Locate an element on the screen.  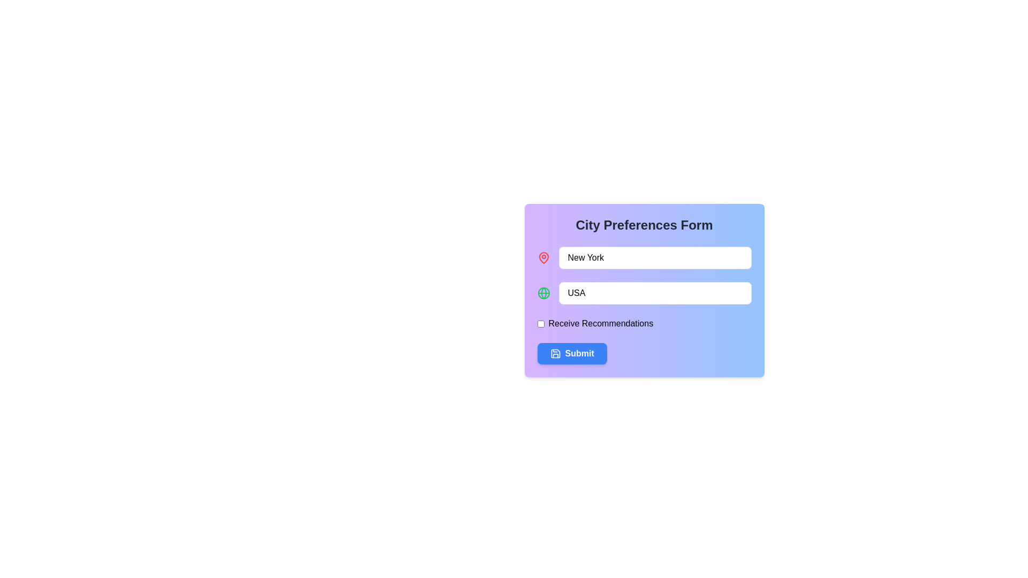
the checkbox associated with the text label indicating the functionality to opt-in for receiving recommendations is located at coordinates (594, 323).